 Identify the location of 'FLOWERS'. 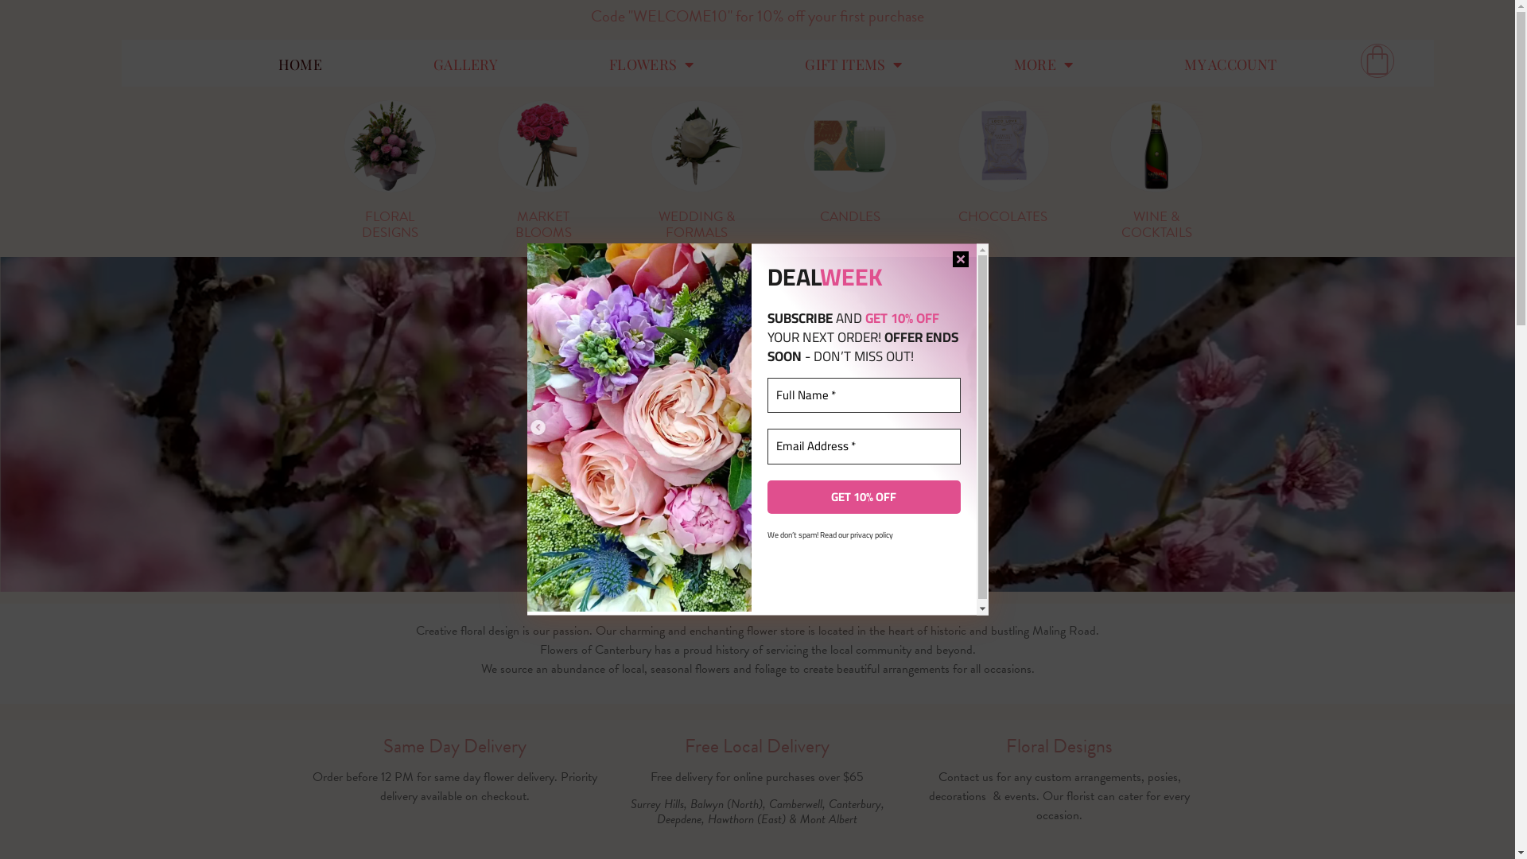
(651, 64).